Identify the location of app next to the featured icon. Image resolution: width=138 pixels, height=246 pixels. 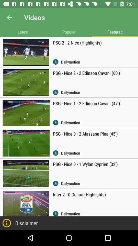
(69, 32).